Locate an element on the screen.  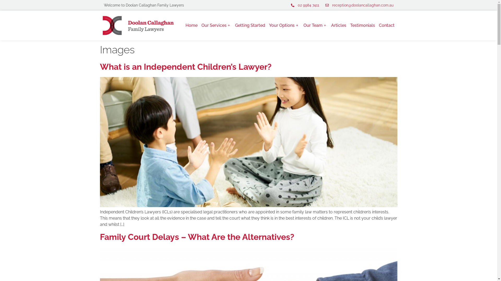
'02 9984 7411' is located at coordinates (305, 5).